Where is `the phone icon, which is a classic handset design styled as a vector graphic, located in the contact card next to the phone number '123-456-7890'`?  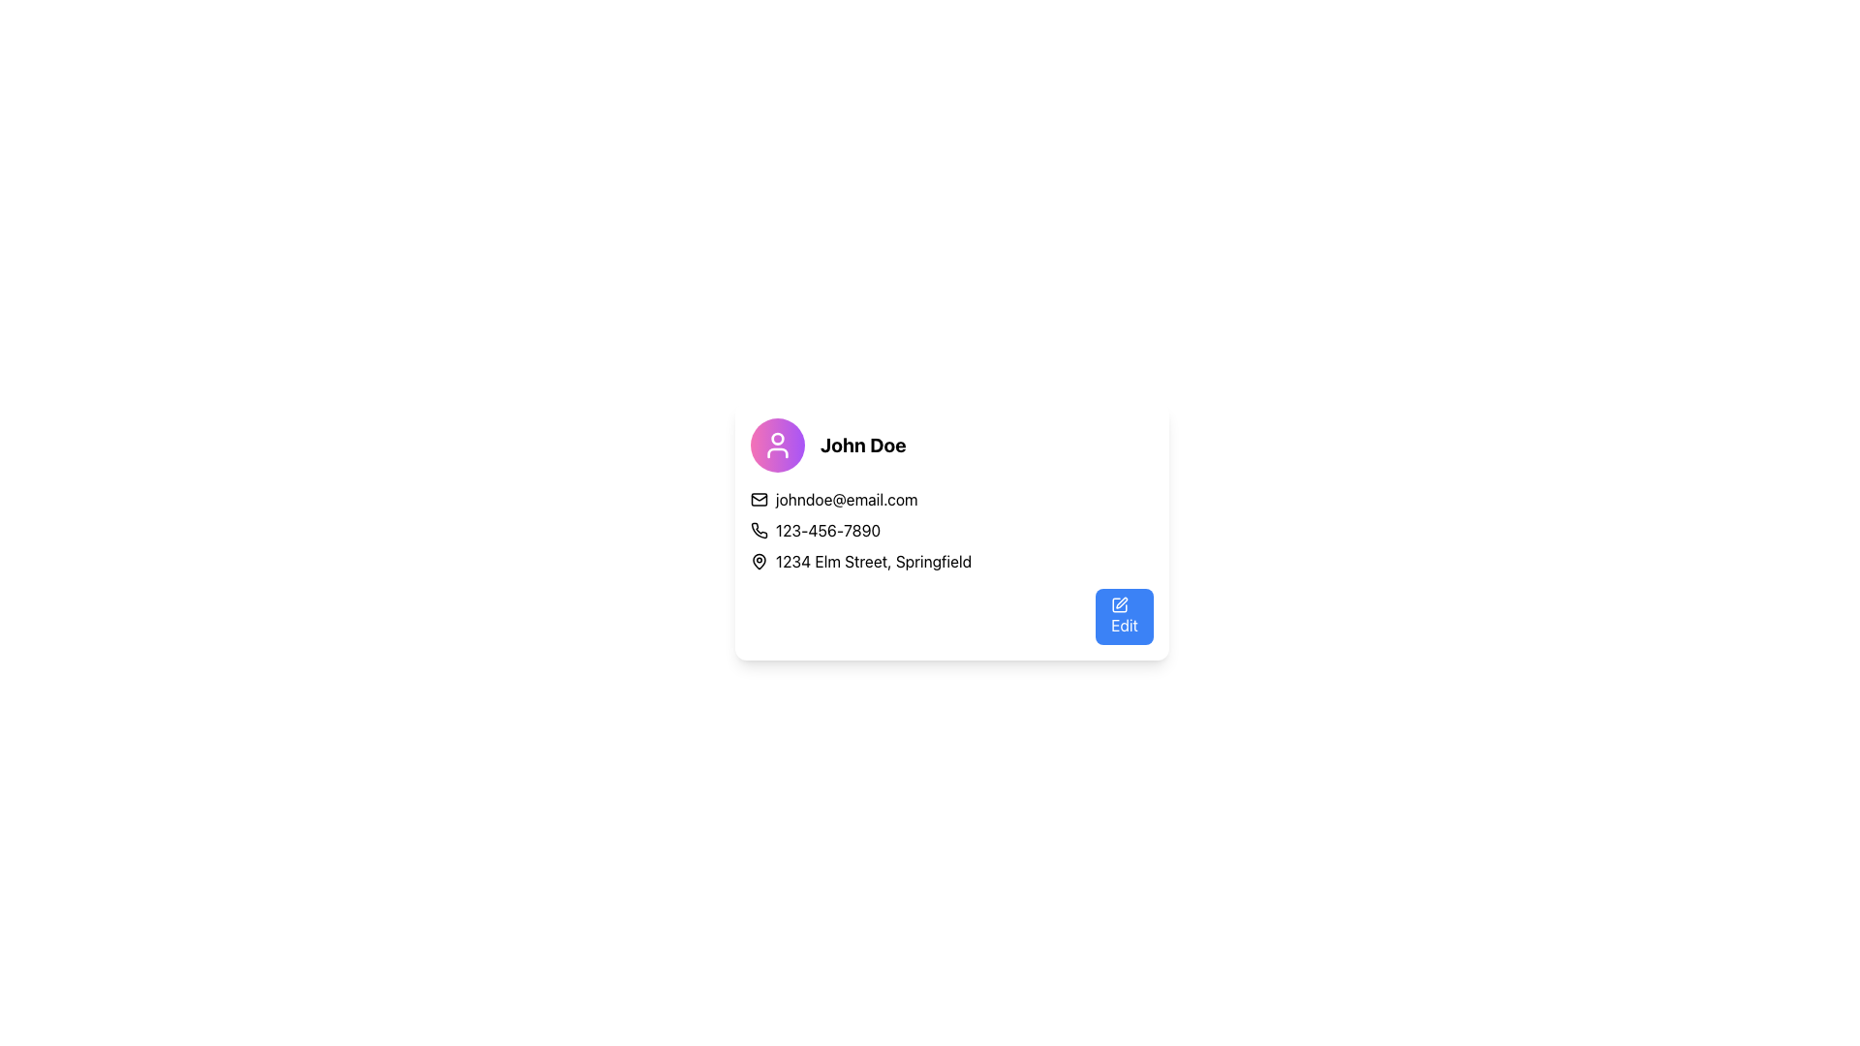
the phone icon, which is a classic handset design styled as a vector graphic, located in the contact card next to the phone number '123-456-7890' is located at coordinates (758, 530).